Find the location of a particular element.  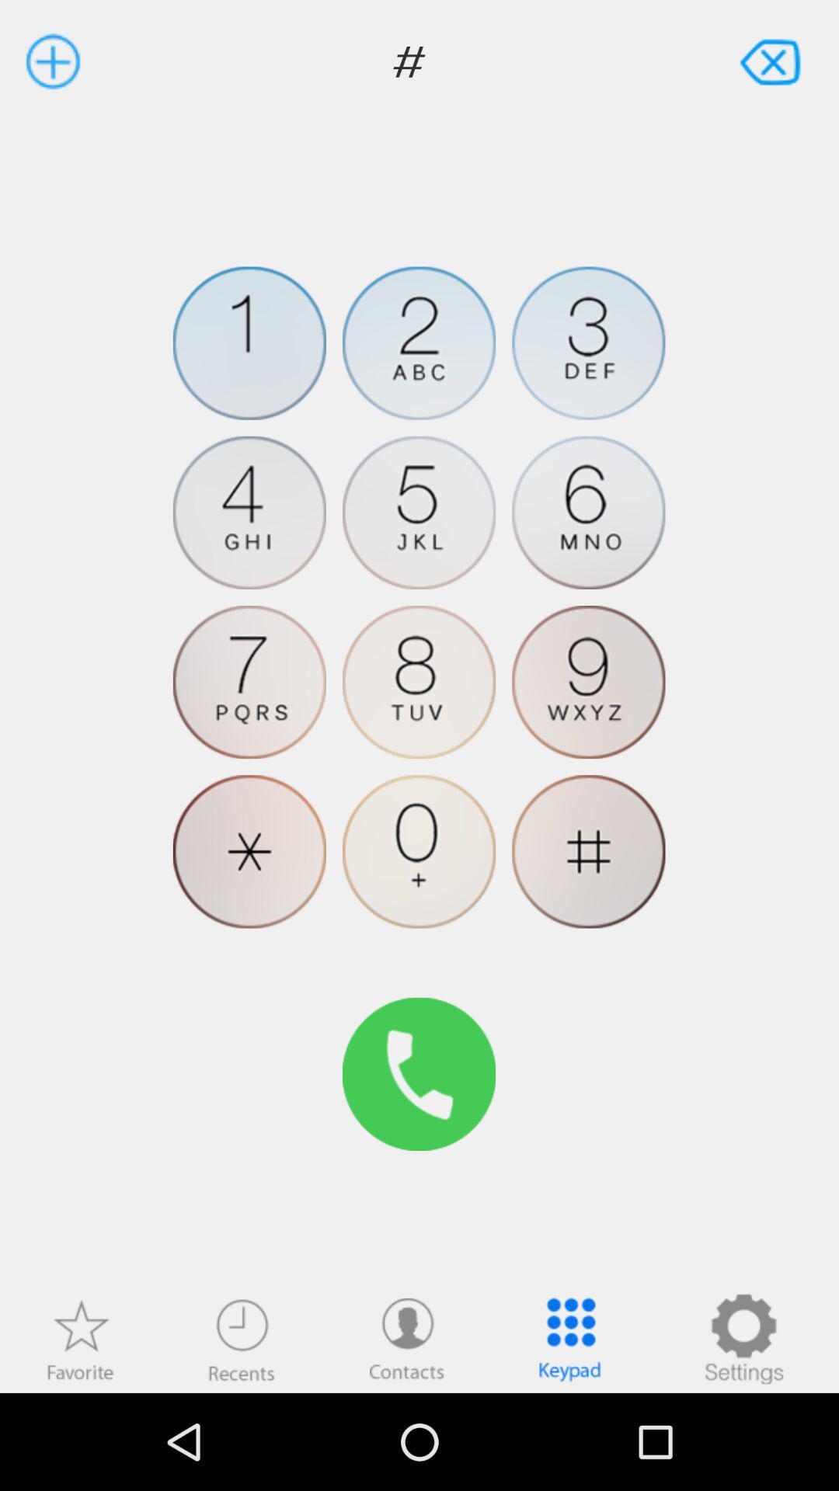

press number 3 is located at coordinates (588, 342).